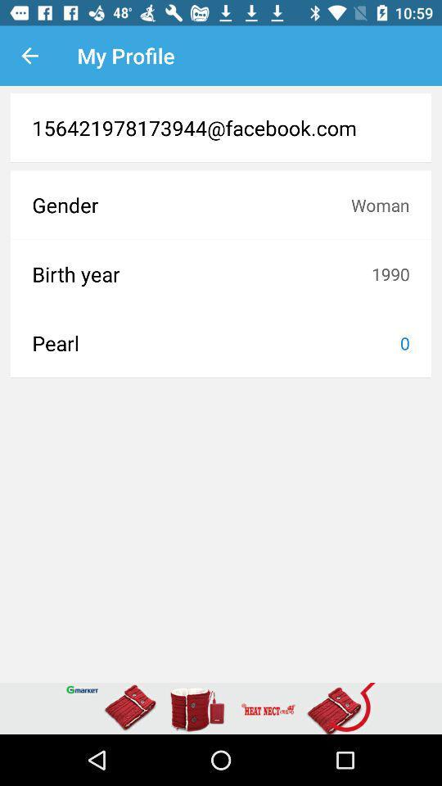 This screenshot has width=442, height=786. I want to click on 1990 icon, so click(390, 273).